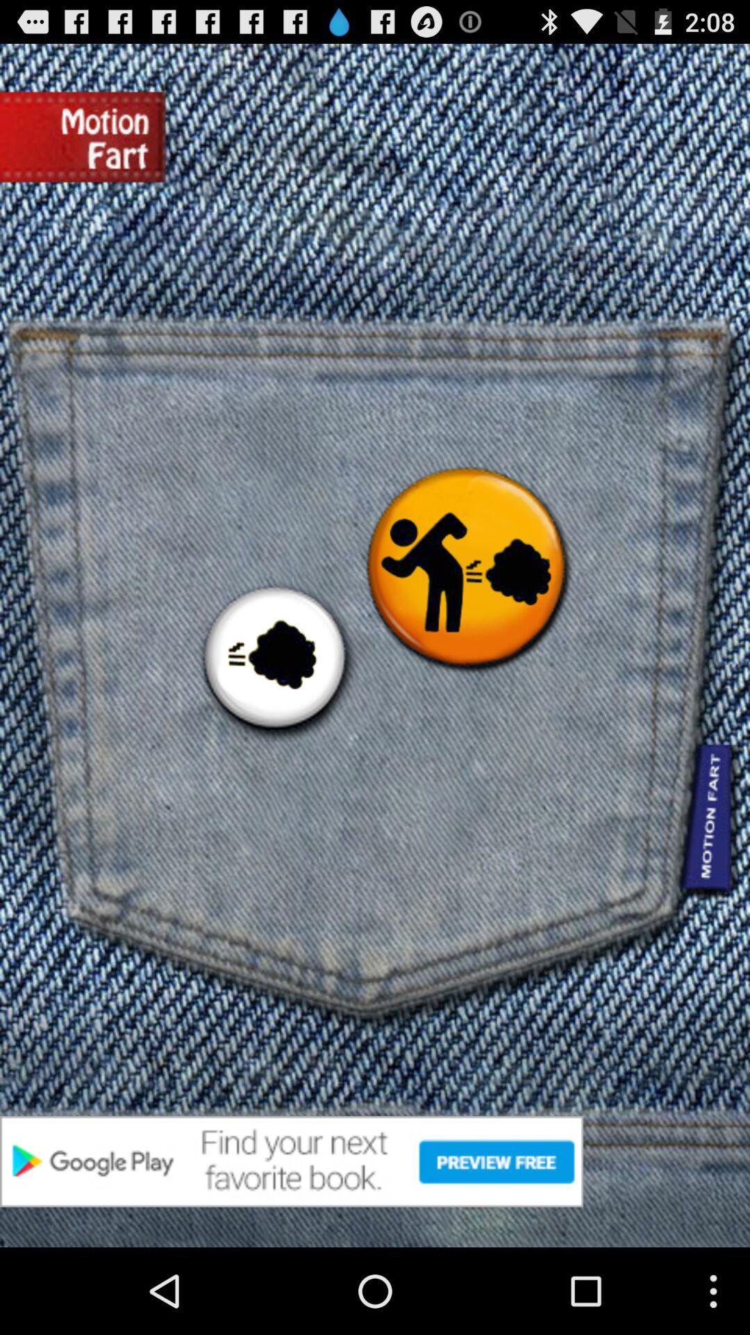 The width and height of the screenshot is (750, 1335). I want to click on google play books advertisement, so click(375, 1161).